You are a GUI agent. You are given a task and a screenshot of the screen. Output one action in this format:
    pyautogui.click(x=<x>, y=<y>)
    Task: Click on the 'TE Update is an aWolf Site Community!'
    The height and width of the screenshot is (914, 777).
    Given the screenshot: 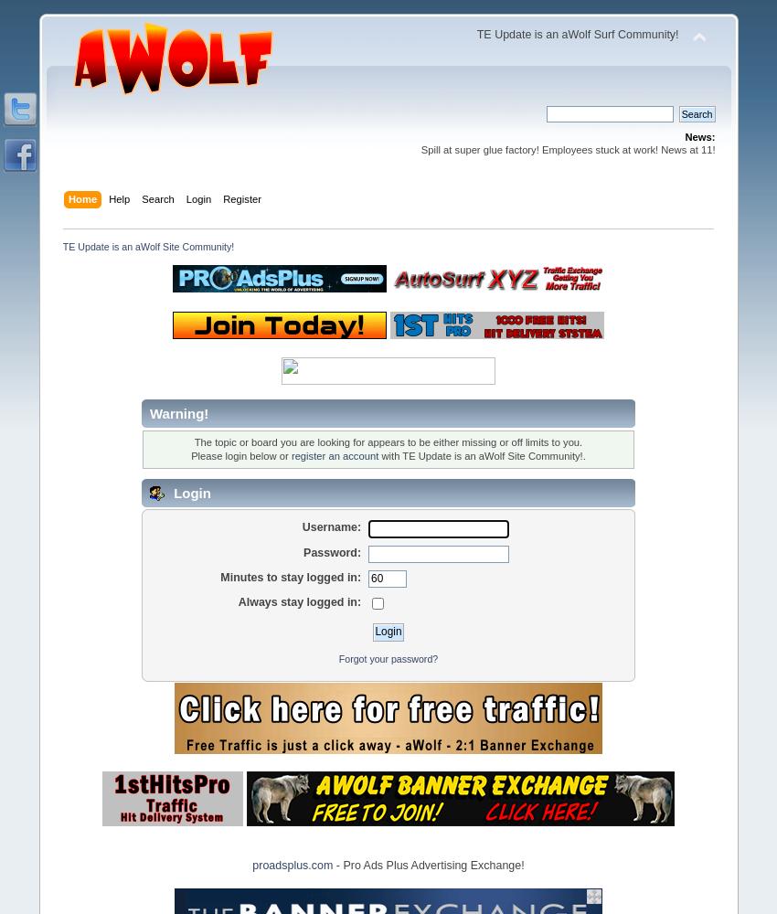 What is the action you would take?
    pyautogui.click(x=148, y=247)
    